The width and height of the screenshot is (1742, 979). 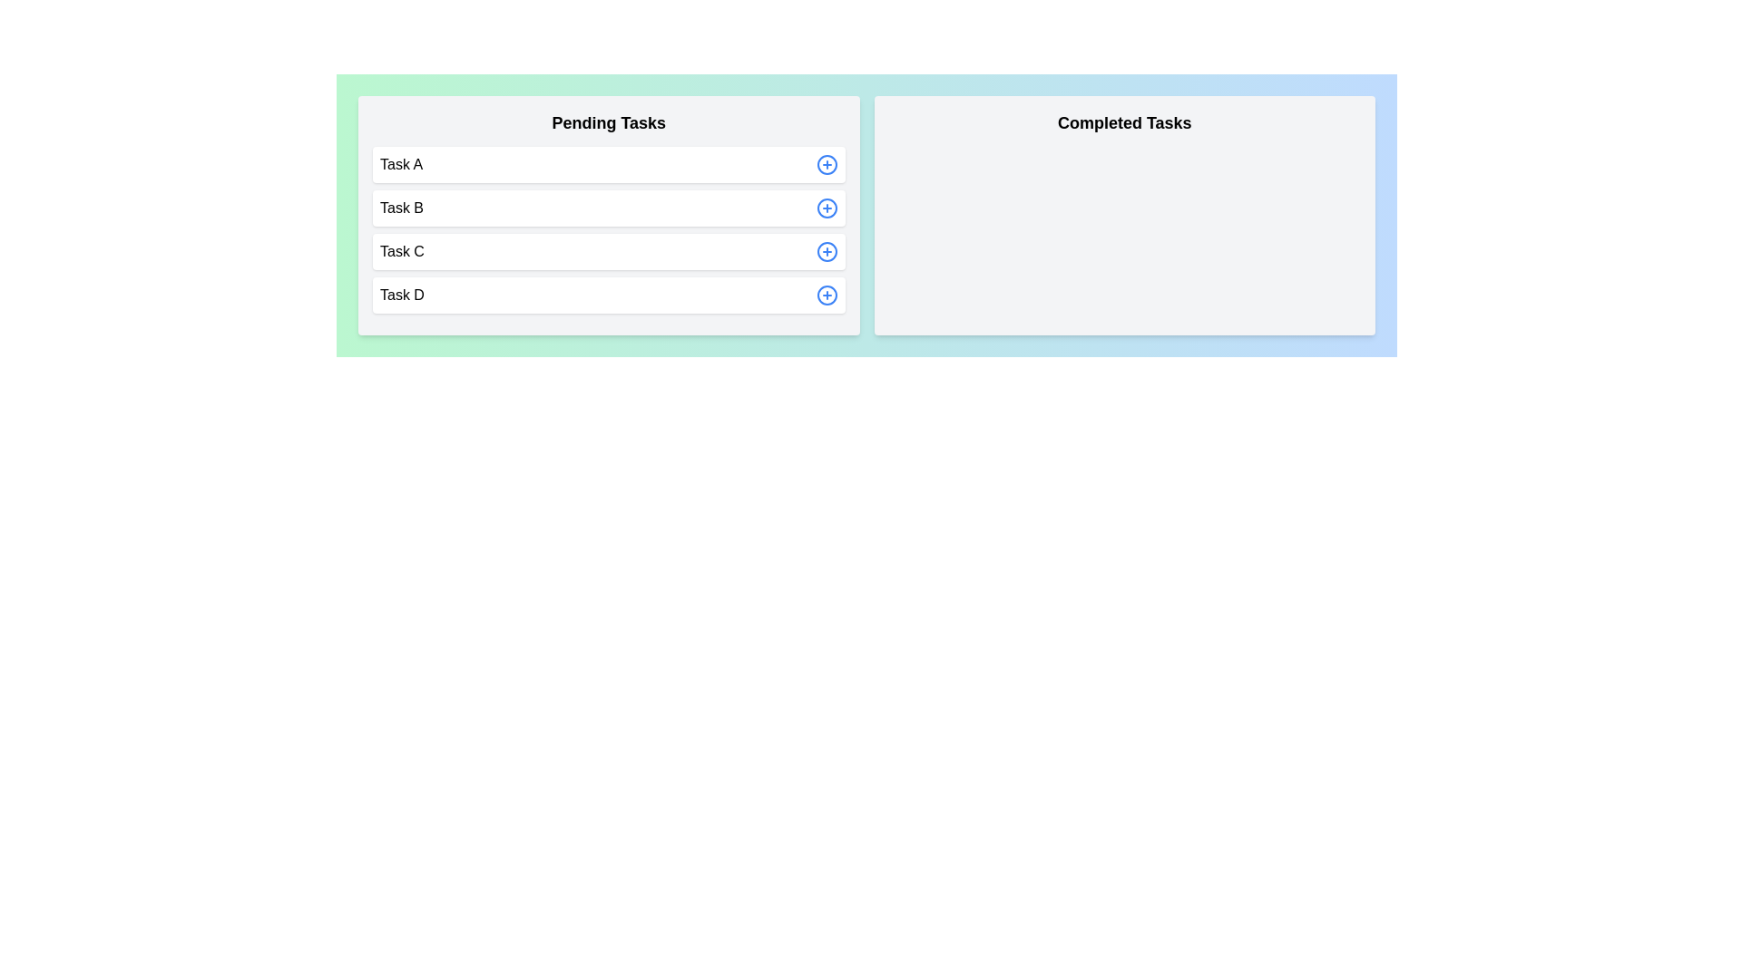 What do you see at coordinates (826, 251) in the screenshot?
I see `add button next to the task Task C in the 'Pending Tasks' section` at bounding box center [826, 251].